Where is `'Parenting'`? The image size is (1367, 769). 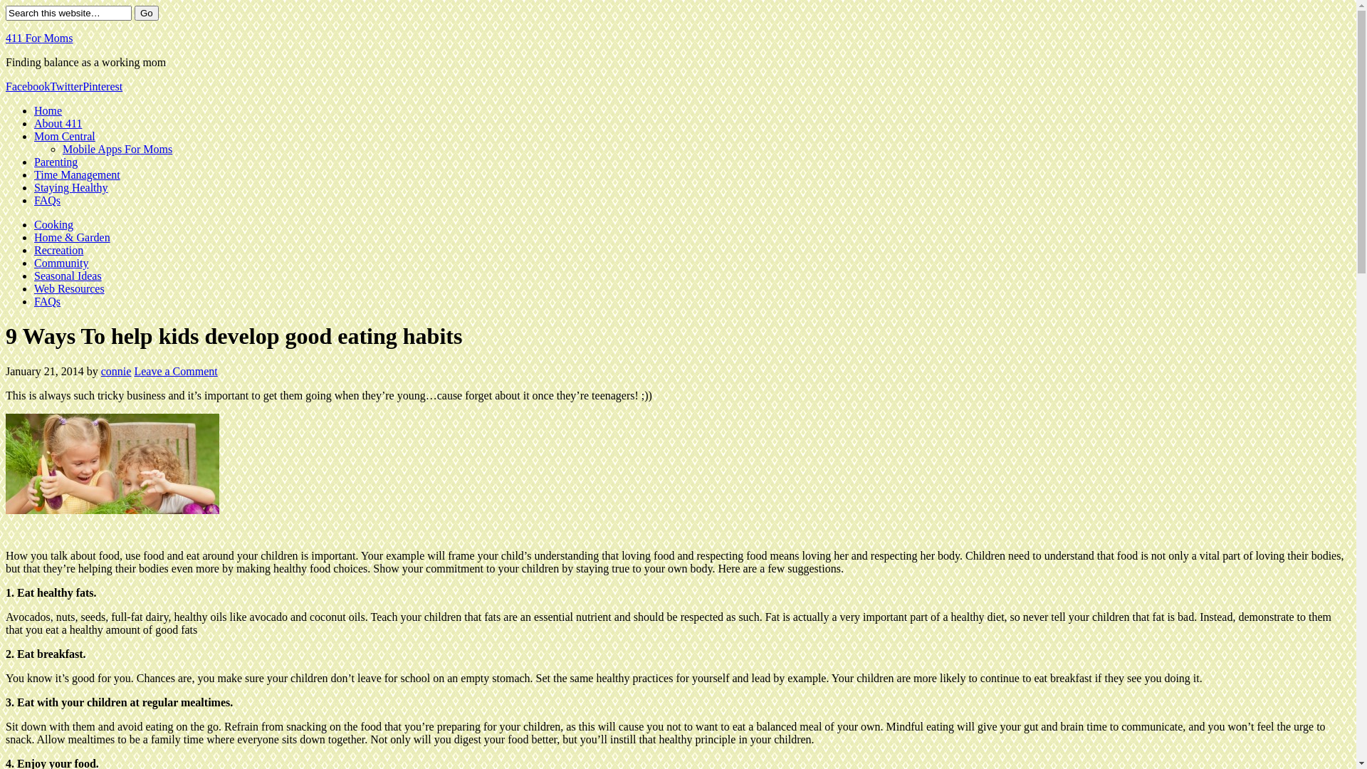 'Parenting' is located at coordinates (56, 161).